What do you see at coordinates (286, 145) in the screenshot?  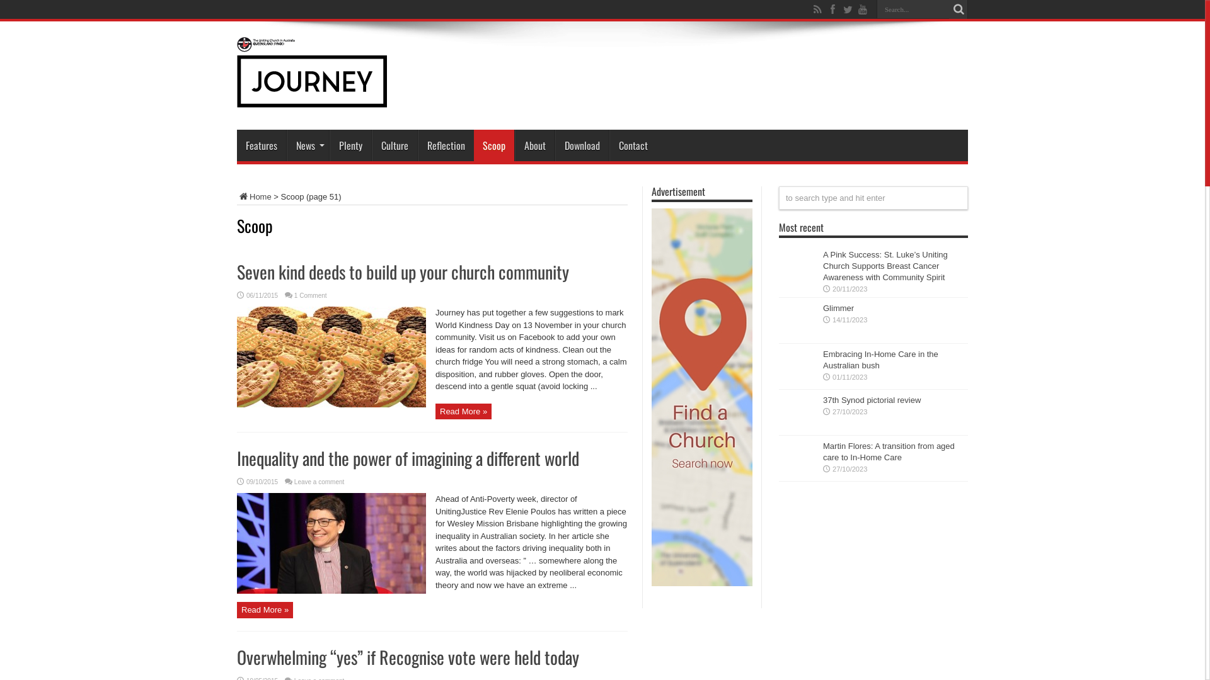 I see `'News'` at bounding box center [286, 145].